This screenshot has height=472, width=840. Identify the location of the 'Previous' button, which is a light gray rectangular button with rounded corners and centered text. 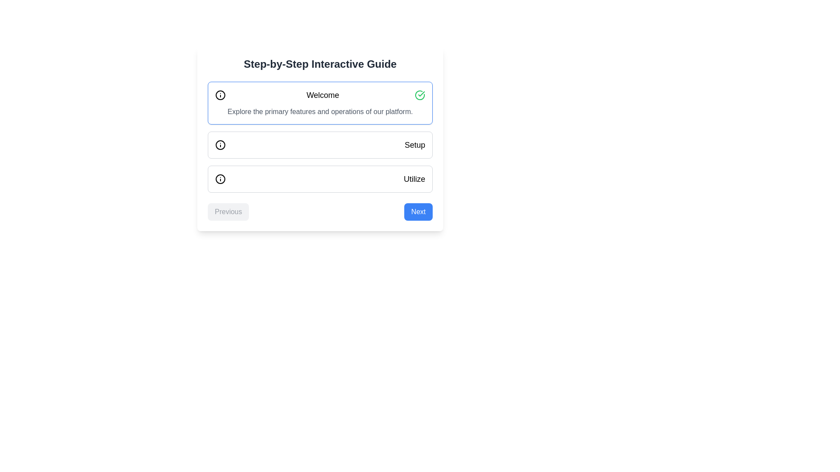
(228, 212).